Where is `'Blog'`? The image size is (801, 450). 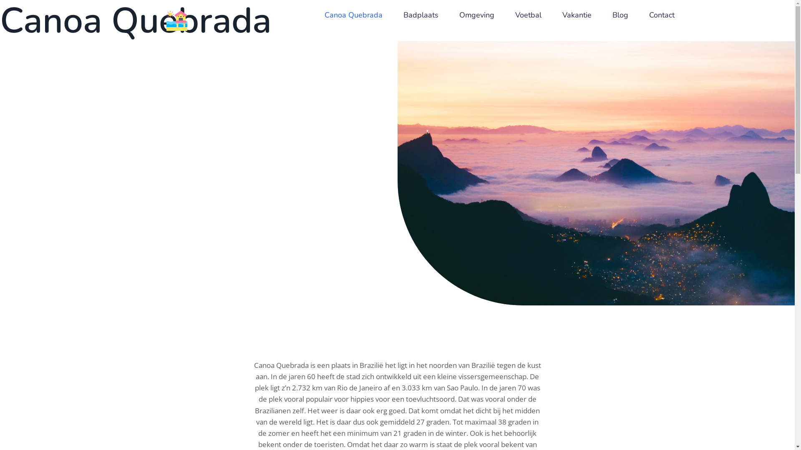
'Blog' is located at coordinates (620, 15).